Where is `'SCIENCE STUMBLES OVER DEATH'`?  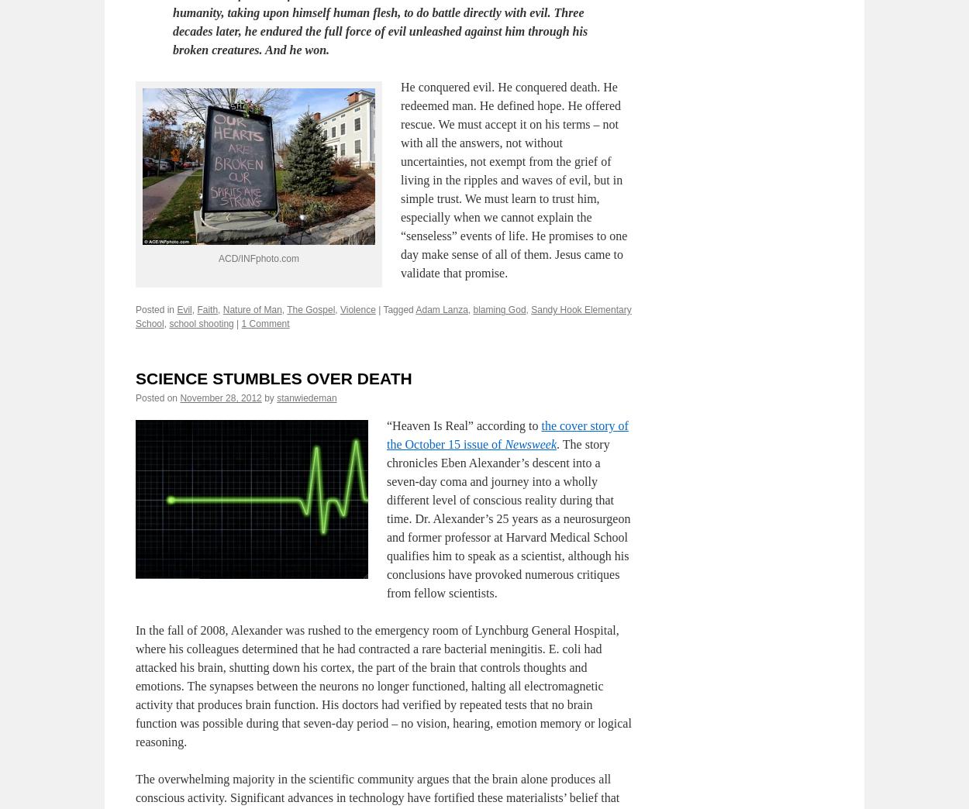 'SCIENCE STUMBLES OVER DEATH' is located at coordinates (273, 452).